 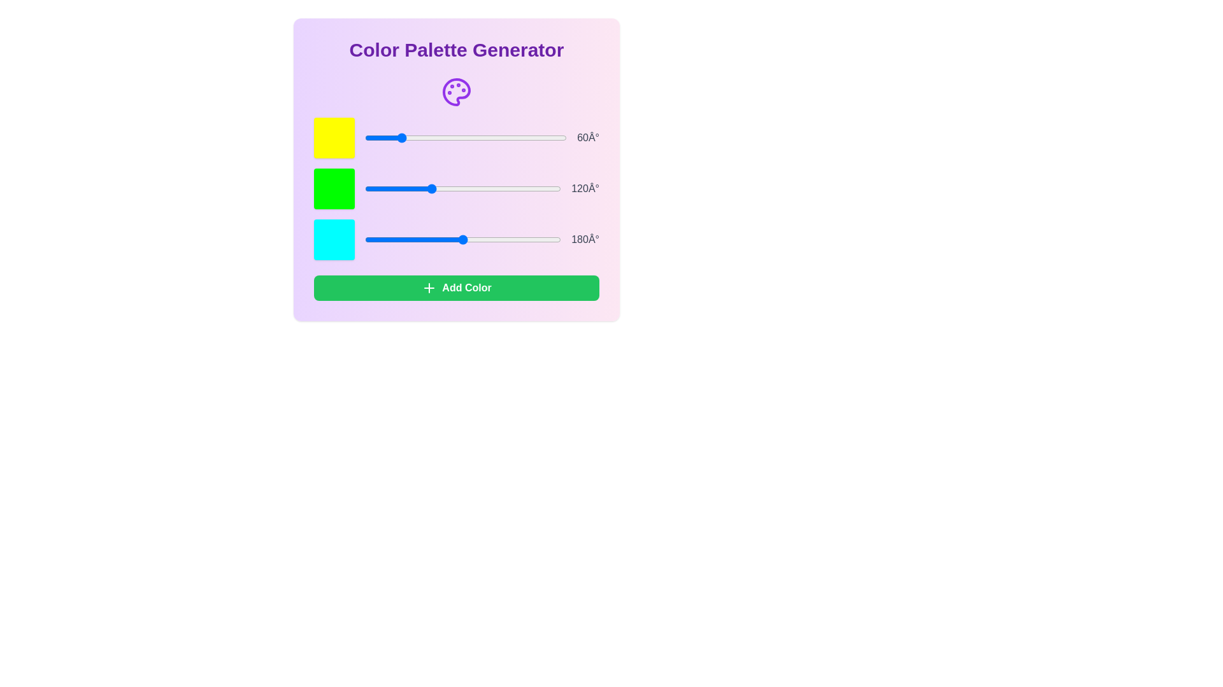 What do you see at coordinates (396, 137) in the screenshot?
I see `the color slider to set the hue to 57` at bounding box center [396, 137].